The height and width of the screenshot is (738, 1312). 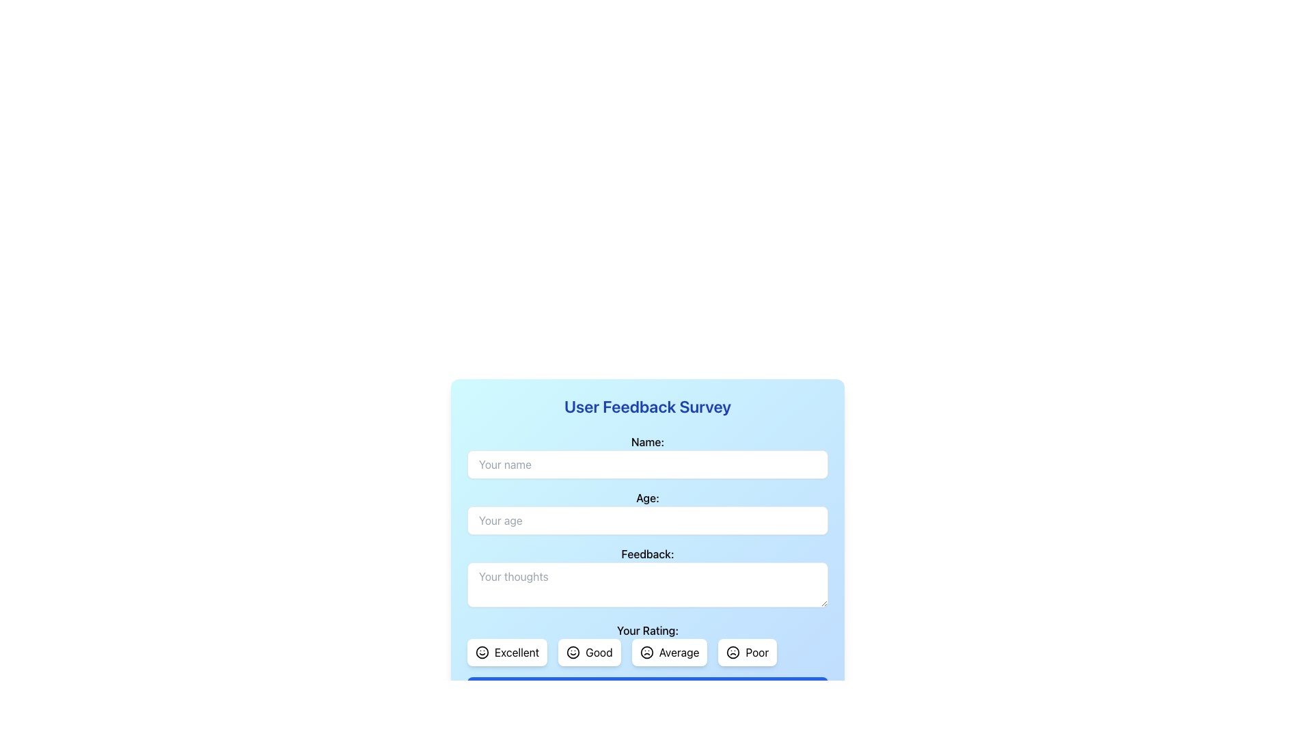 I want to click on the 'Excellent' rating button in the feedback survey, so click(x=506, y=652).